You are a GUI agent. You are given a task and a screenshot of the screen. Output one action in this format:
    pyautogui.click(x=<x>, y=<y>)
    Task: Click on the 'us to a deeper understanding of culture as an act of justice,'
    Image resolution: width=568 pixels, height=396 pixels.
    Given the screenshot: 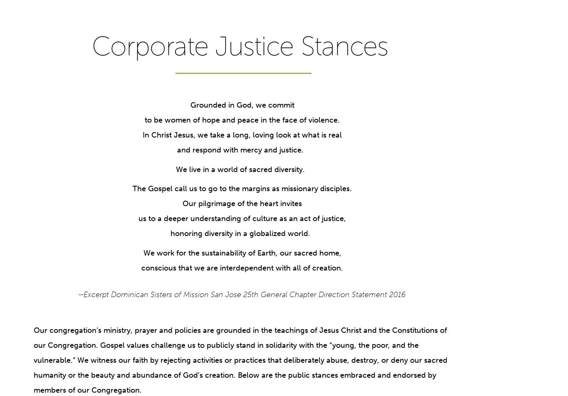 What is the action you would take?
    pyautogui.click(x=242, y=218)
    